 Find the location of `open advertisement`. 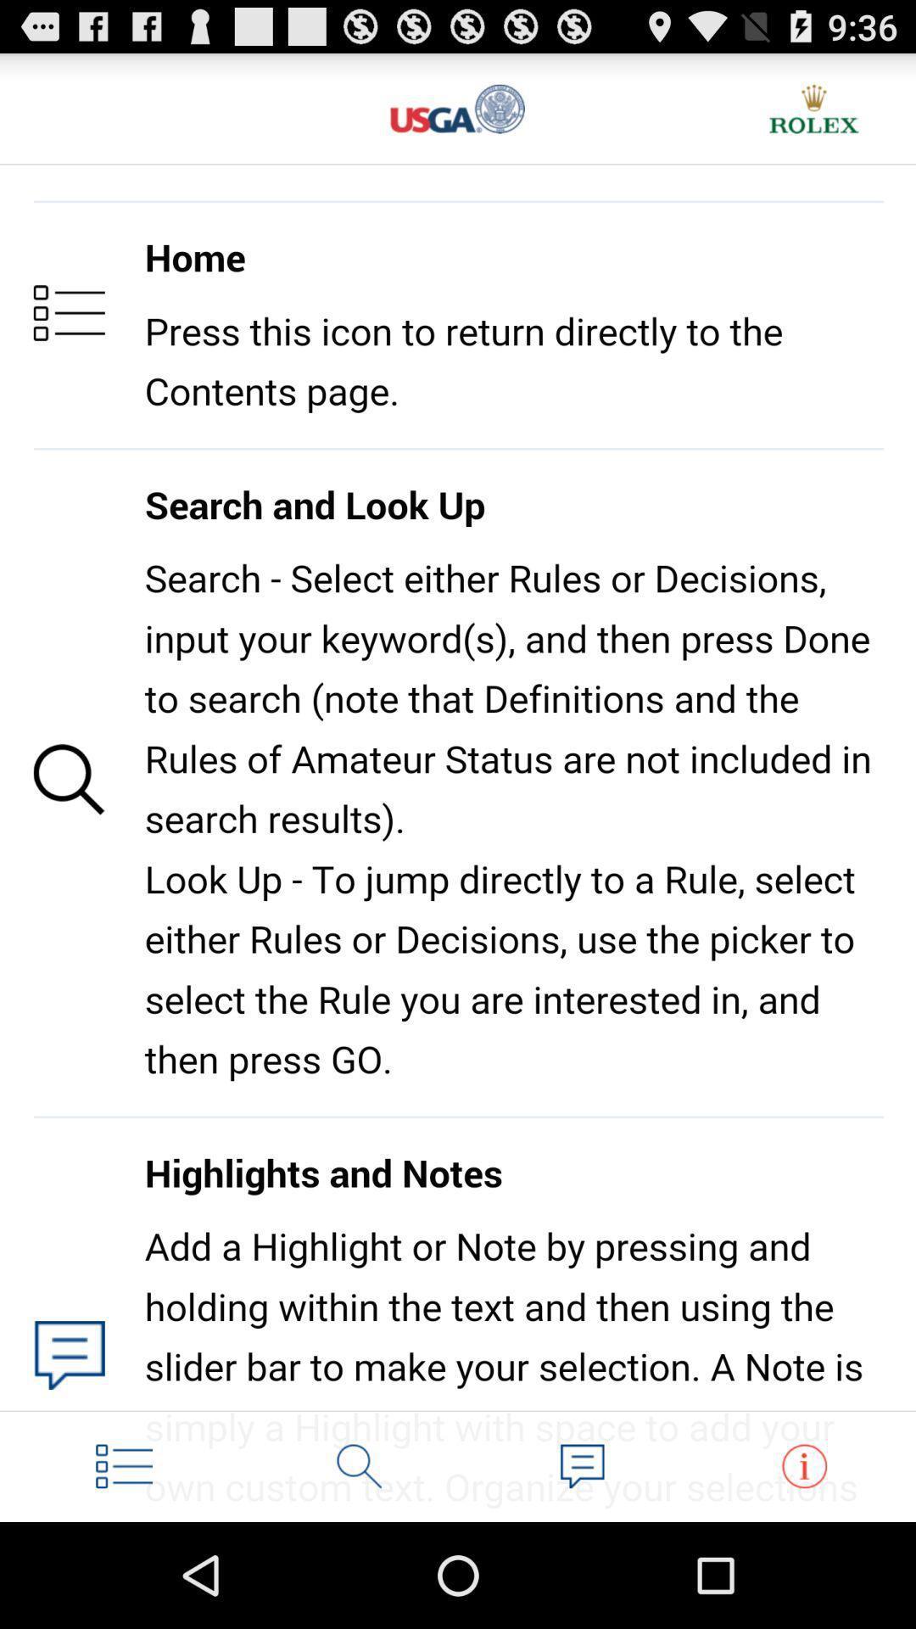

open advertisement is located at coordinates (813, 108).